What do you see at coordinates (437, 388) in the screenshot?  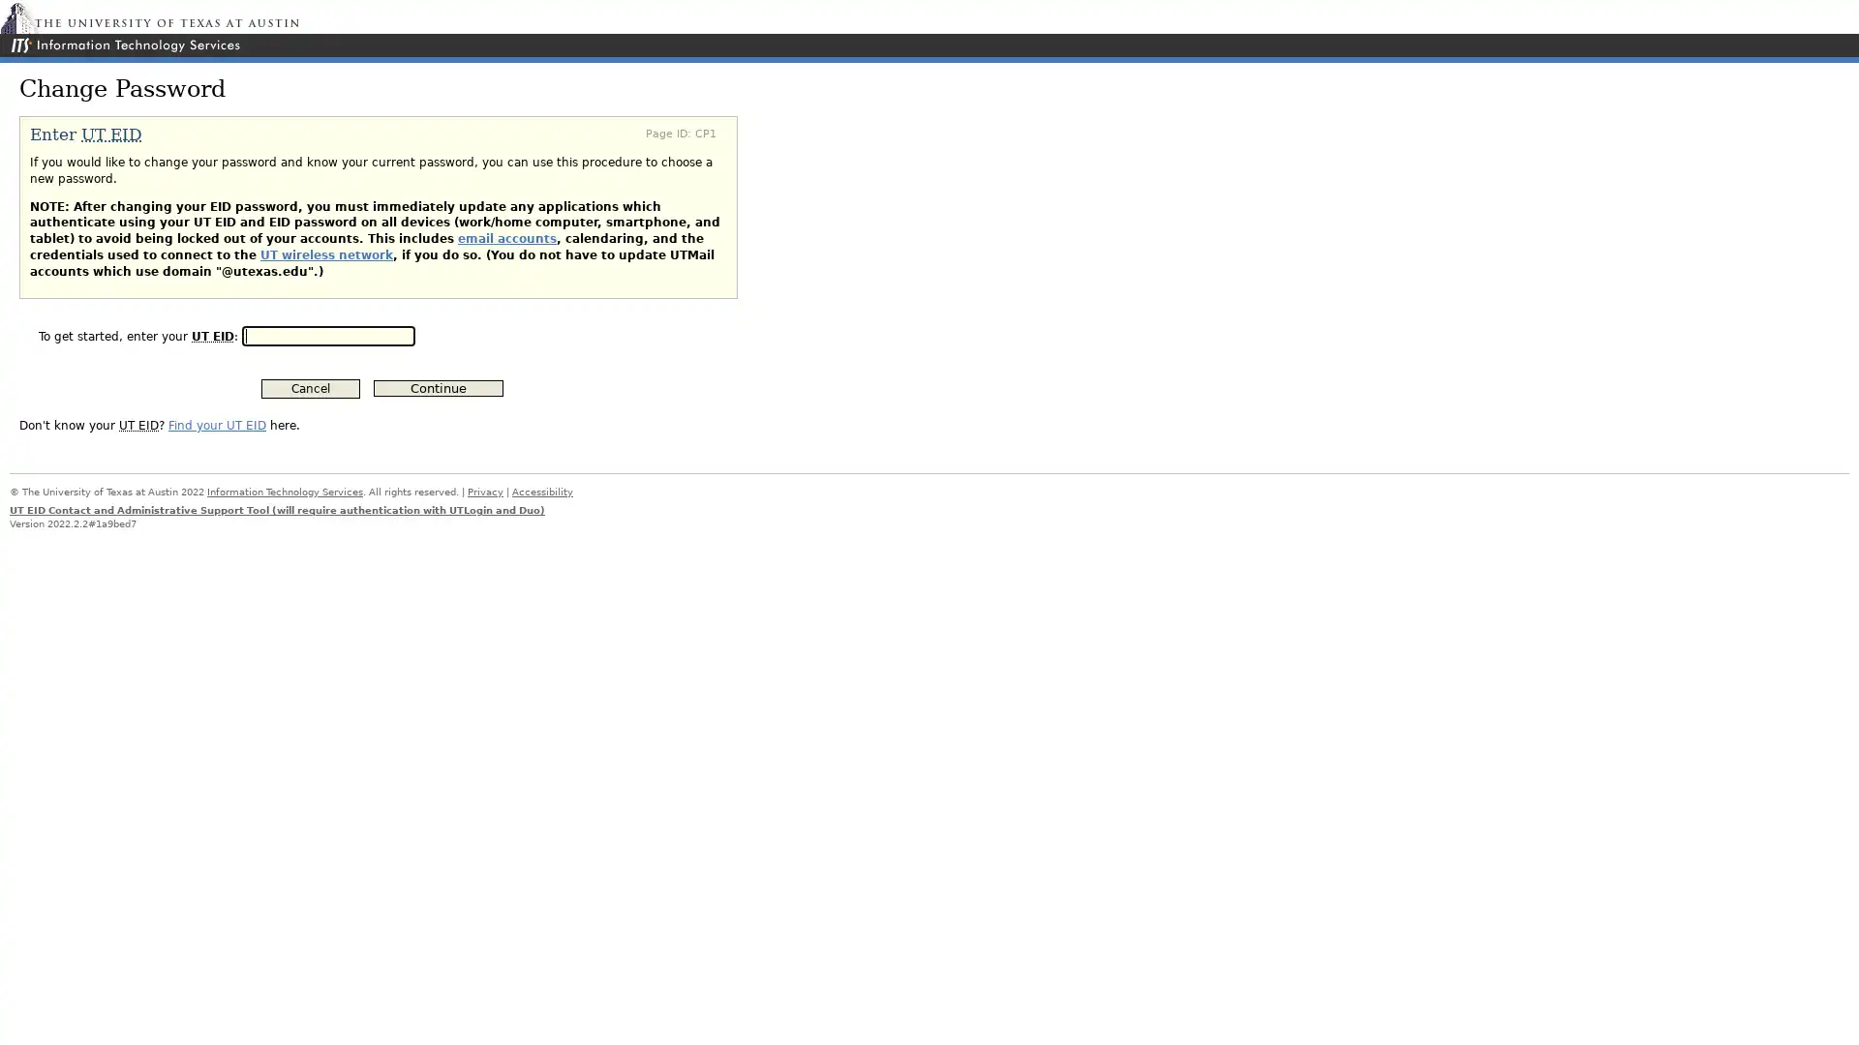 I see `Continue` at bounding box center [437, 388].